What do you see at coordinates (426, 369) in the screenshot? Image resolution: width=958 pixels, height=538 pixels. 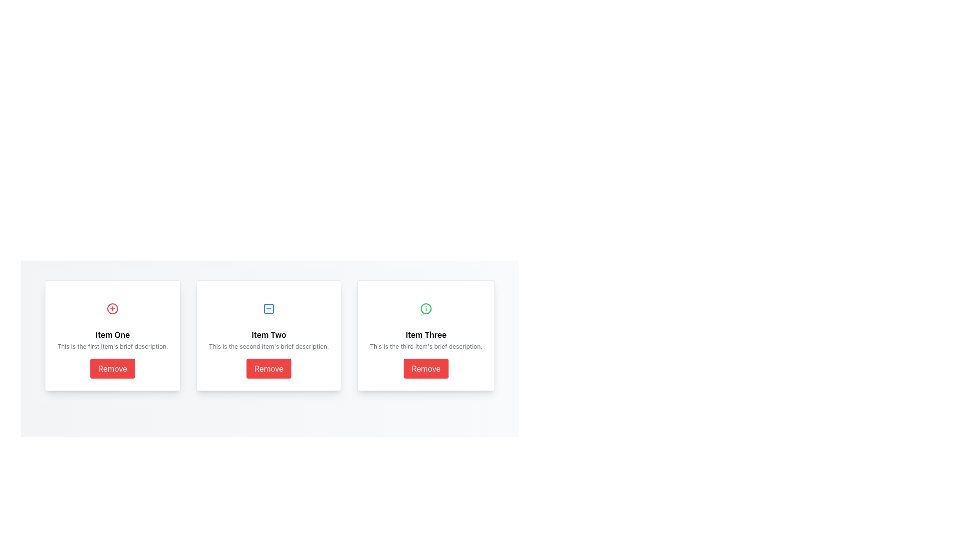 I see `the red 'Remove' button with rounded corners at the bottom of the 'Item Three' card to observe its hover state change` at bounding box center [426, 369].